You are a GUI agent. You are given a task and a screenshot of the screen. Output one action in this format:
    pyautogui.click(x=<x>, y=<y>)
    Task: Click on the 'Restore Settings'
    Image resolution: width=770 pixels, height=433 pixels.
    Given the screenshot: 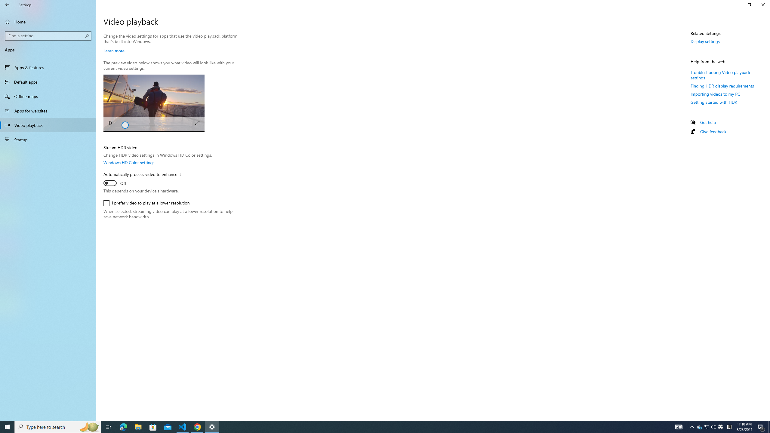 What is the action you would take?
    pyautogui.click(x=749, y=5)
    